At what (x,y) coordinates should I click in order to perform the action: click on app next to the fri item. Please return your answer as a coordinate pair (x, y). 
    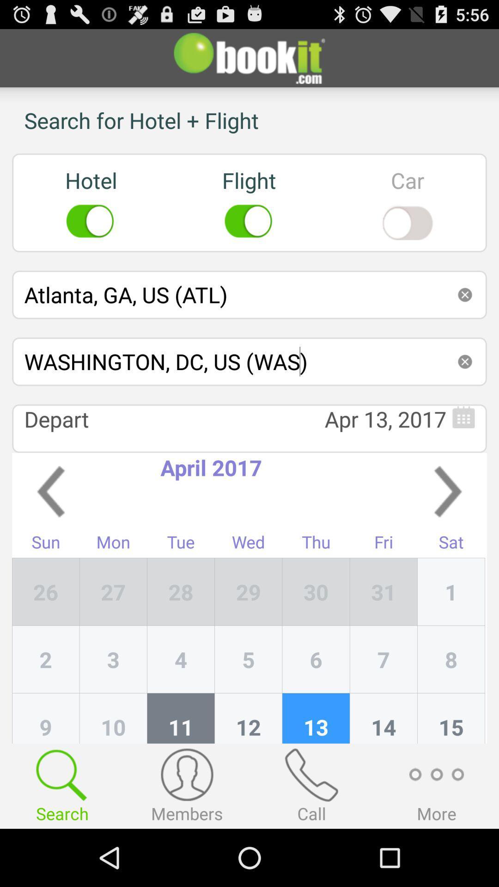
    Looking at the image, I should click on (450, 544).